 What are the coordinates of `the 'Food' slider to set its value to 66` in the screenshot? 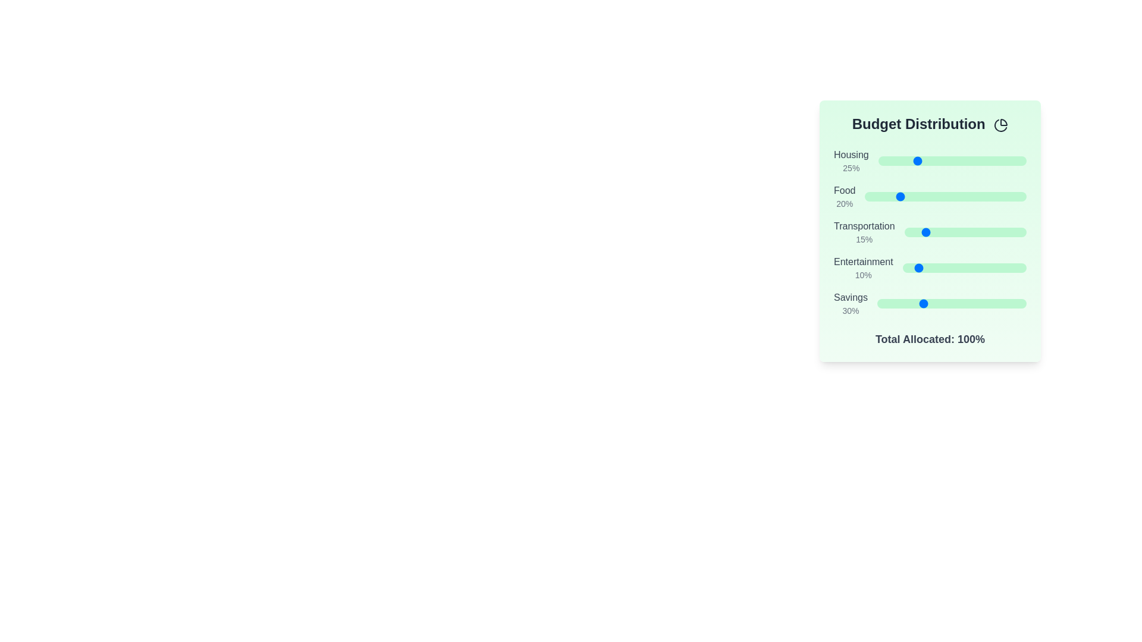 It's located at (971, 196).